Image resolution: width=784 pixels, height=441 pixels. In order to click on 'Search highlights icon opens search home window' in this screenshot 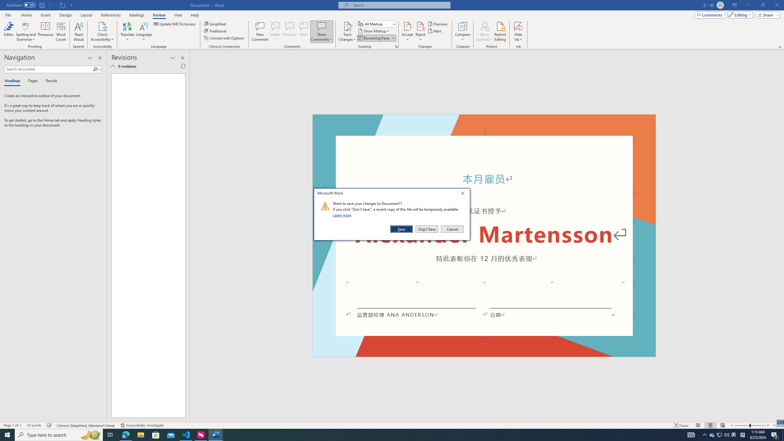, I will do `click(90, 434)`.